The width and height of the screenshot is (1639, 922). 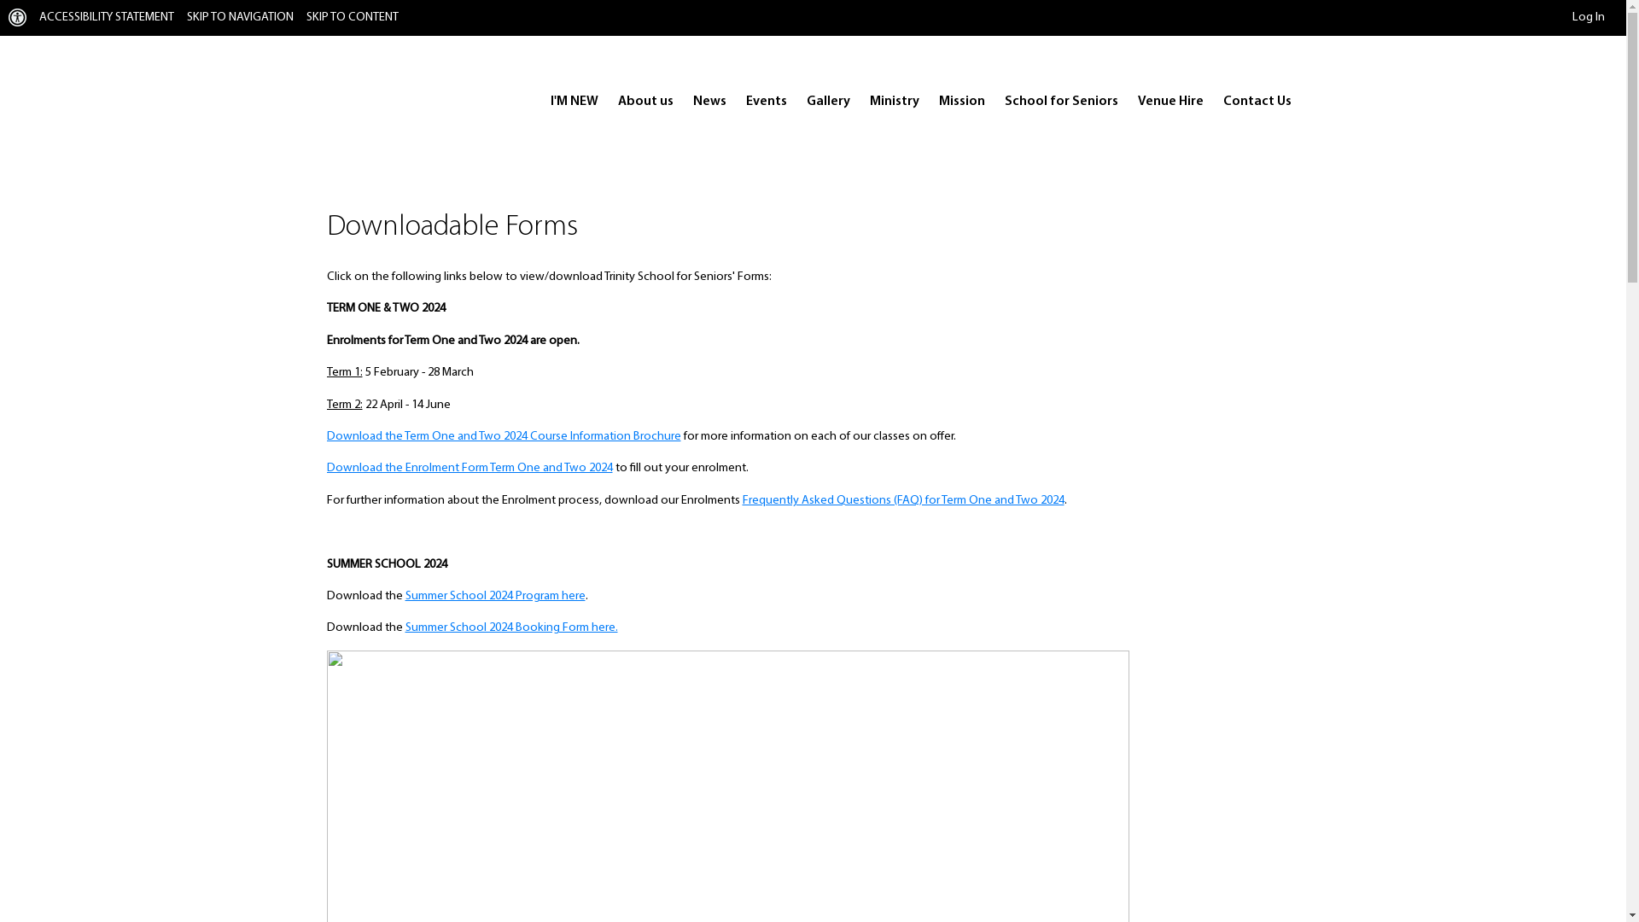 I want to click on 'Summer School 2024 Booking Form here.', so click(x=510, y=627).